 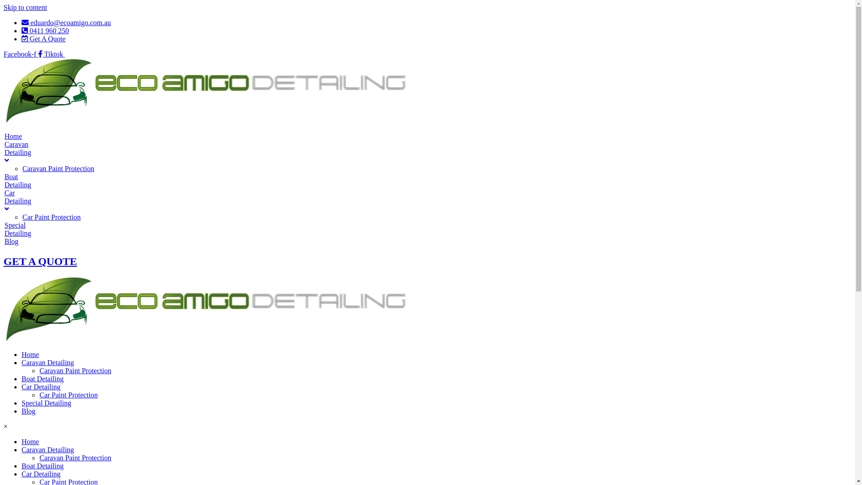 I want to click on 'Facebook-f', so click(x=24, y=54).